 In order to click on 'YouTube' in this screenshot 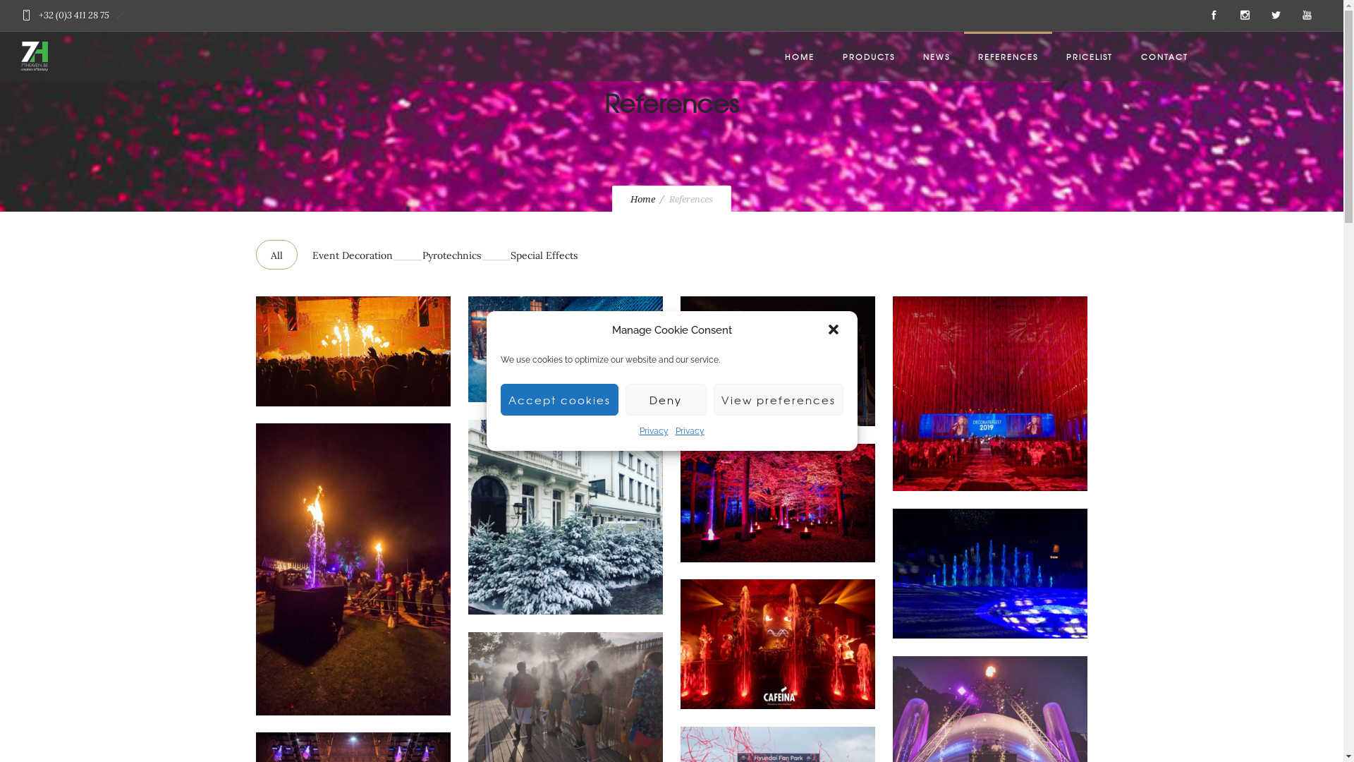, I will do `click(1291, 16)`.